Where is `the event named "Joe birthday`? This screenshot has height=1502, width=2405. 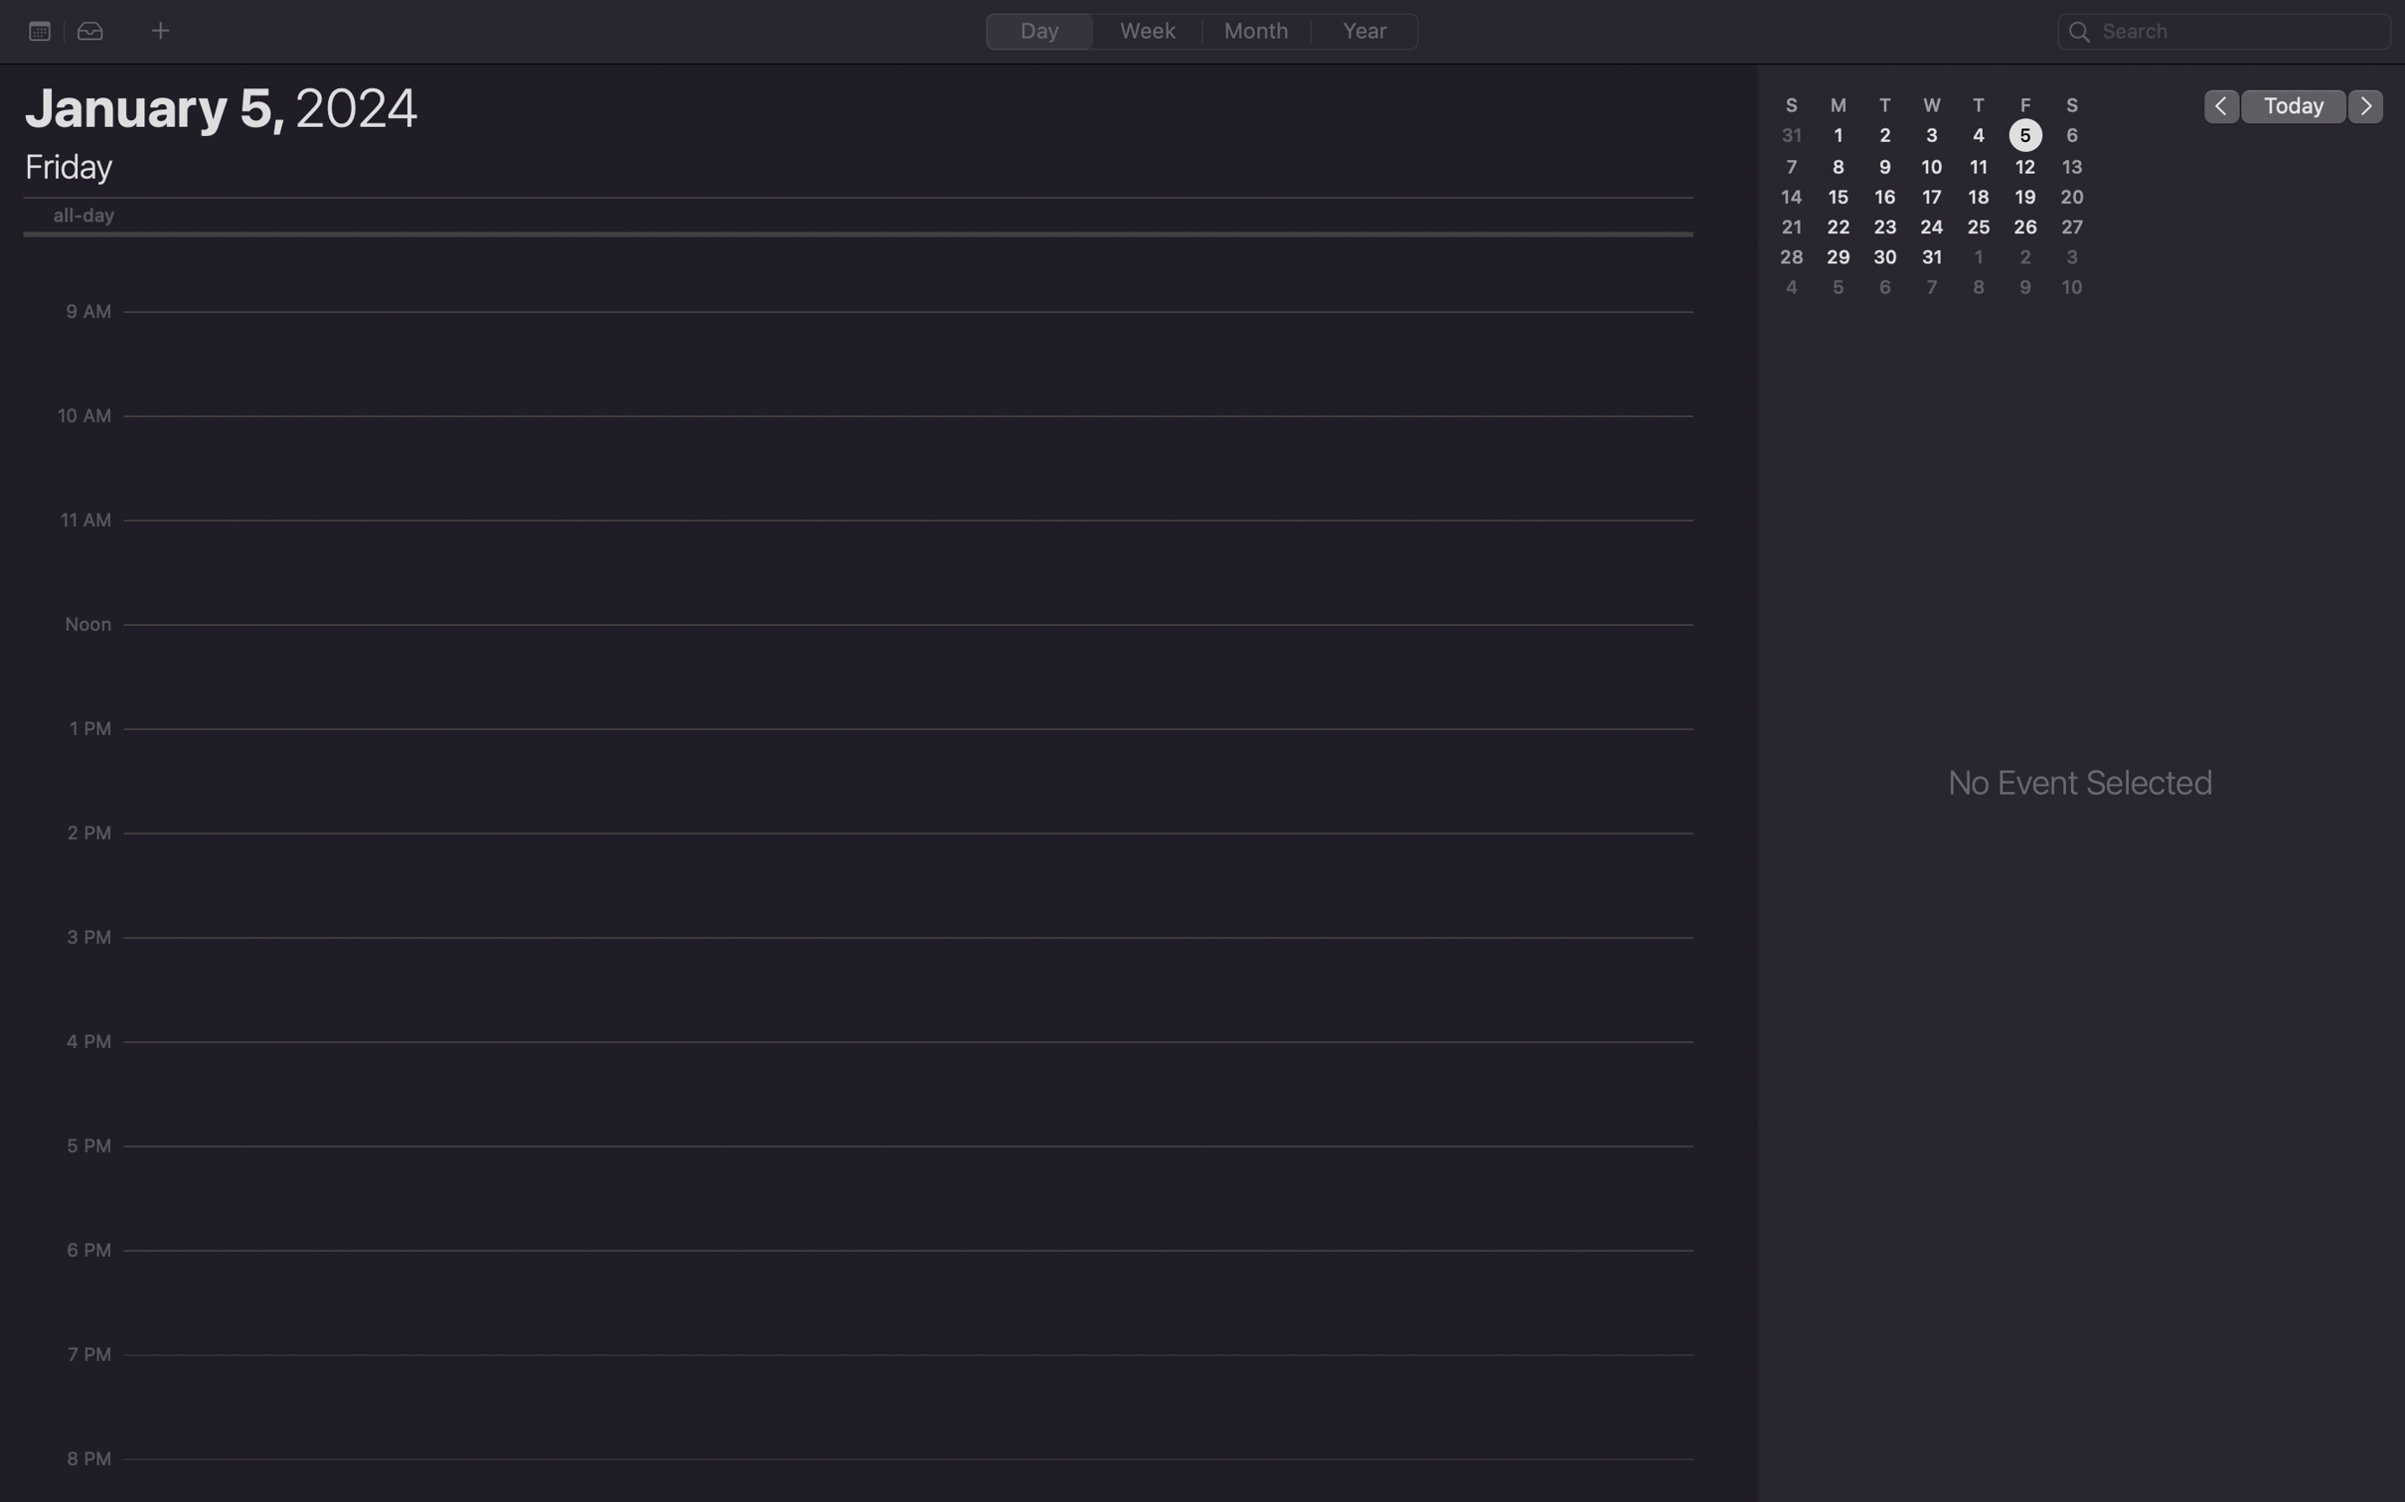
the event named "Joe birthday is located at coordinates (2224, 32).